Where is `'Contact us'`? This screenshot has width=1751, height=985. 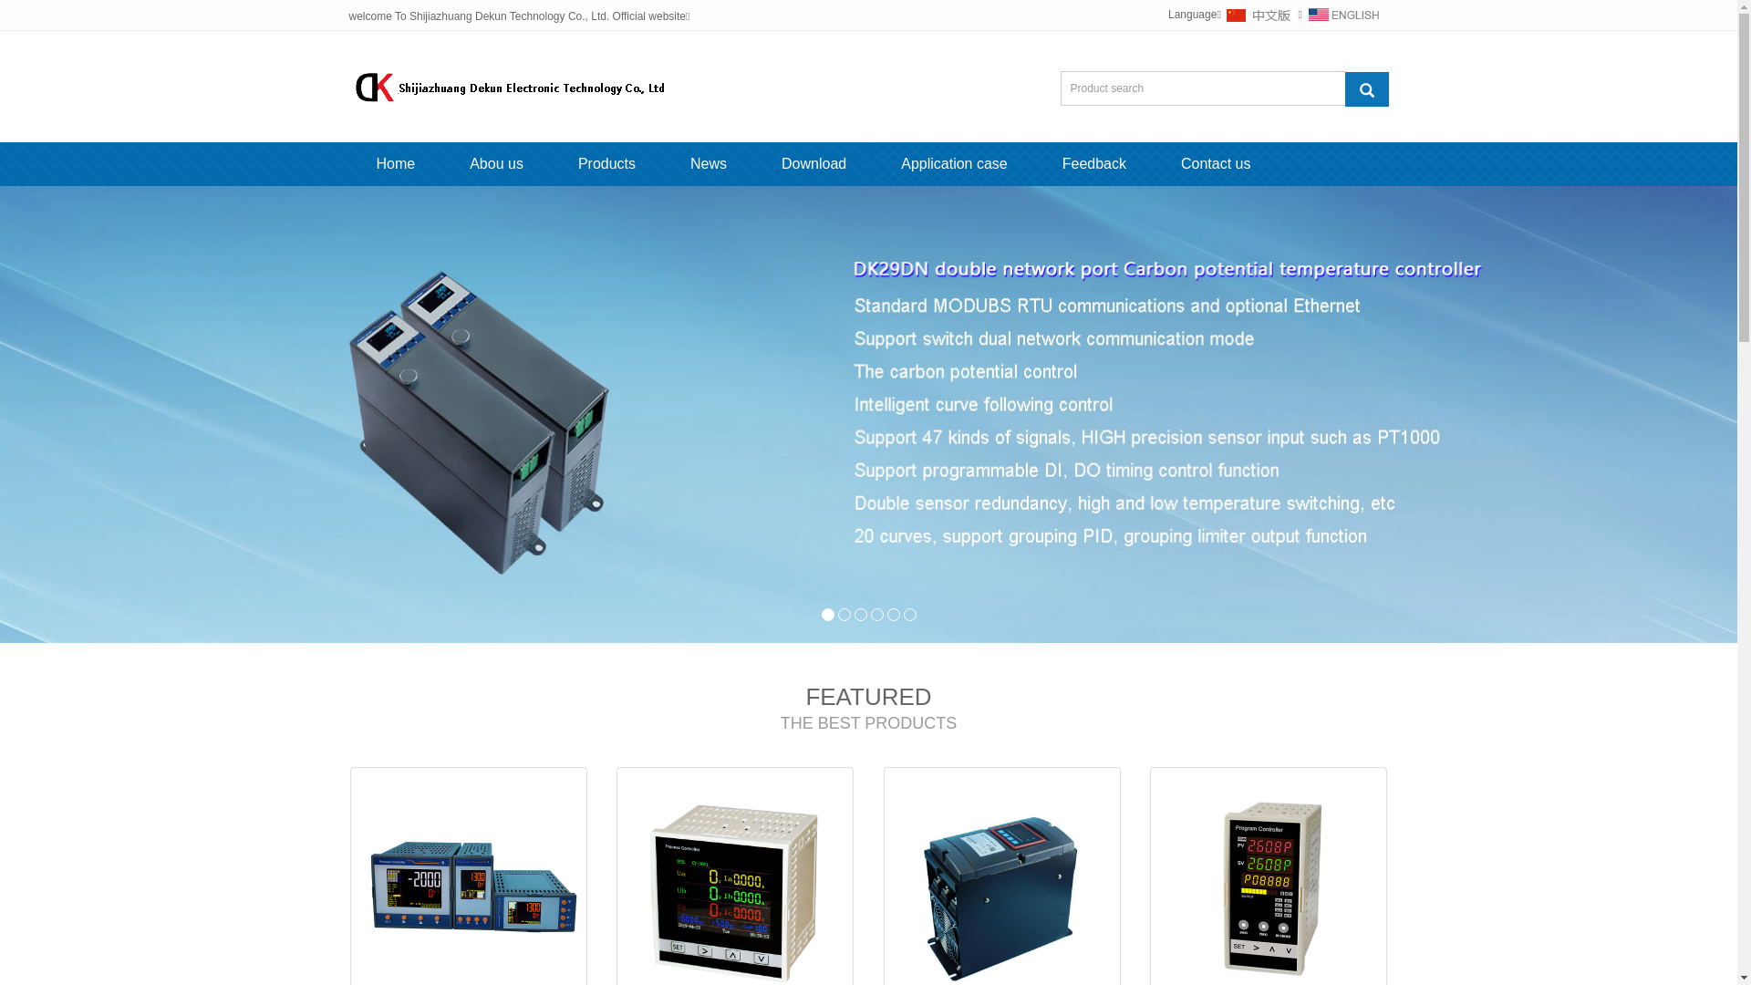 'Contact us' is located at coordinates (1216, 164).